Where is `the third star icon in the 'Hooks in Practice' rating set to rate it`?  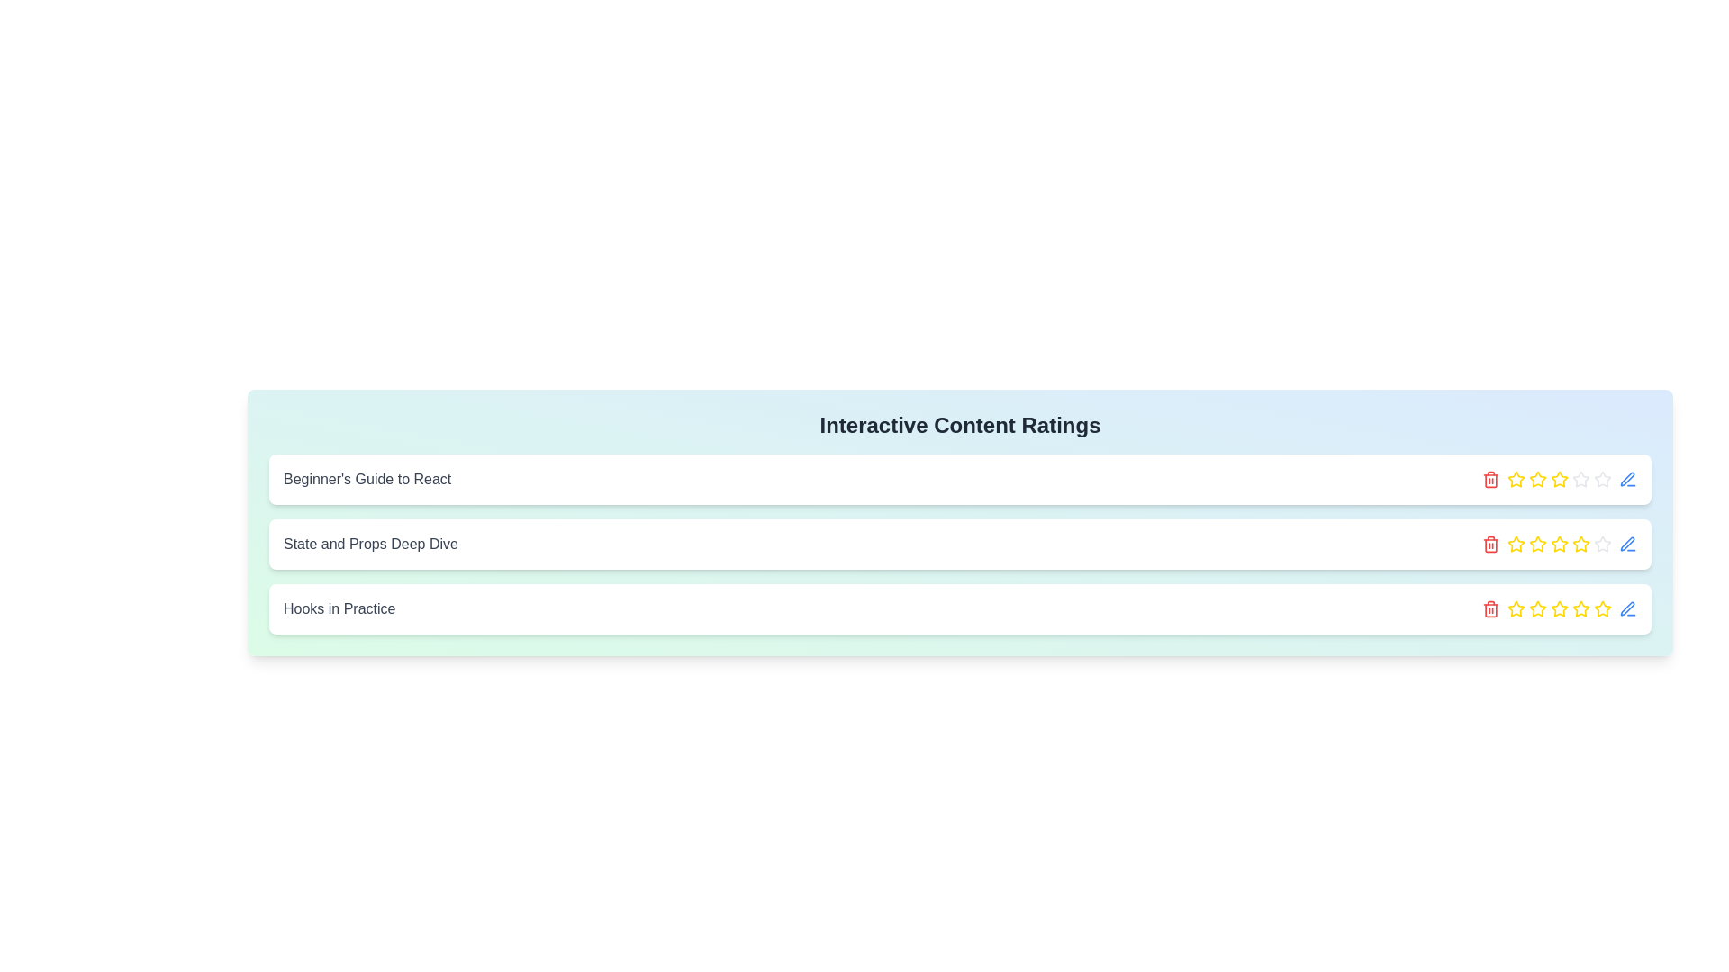
the third star icon in the 'Hooks in Practice' rating set to rate it is located at coordinates (1558, 607).